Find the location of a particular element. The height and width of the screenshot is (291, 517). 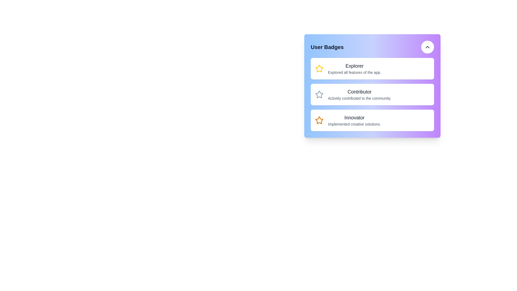

the 'Innovator' badge title text label, which is centered inside the badge component and positioned below the 'Contributor' badge in the 'User Badges' section is located at coordinates (354, 117).